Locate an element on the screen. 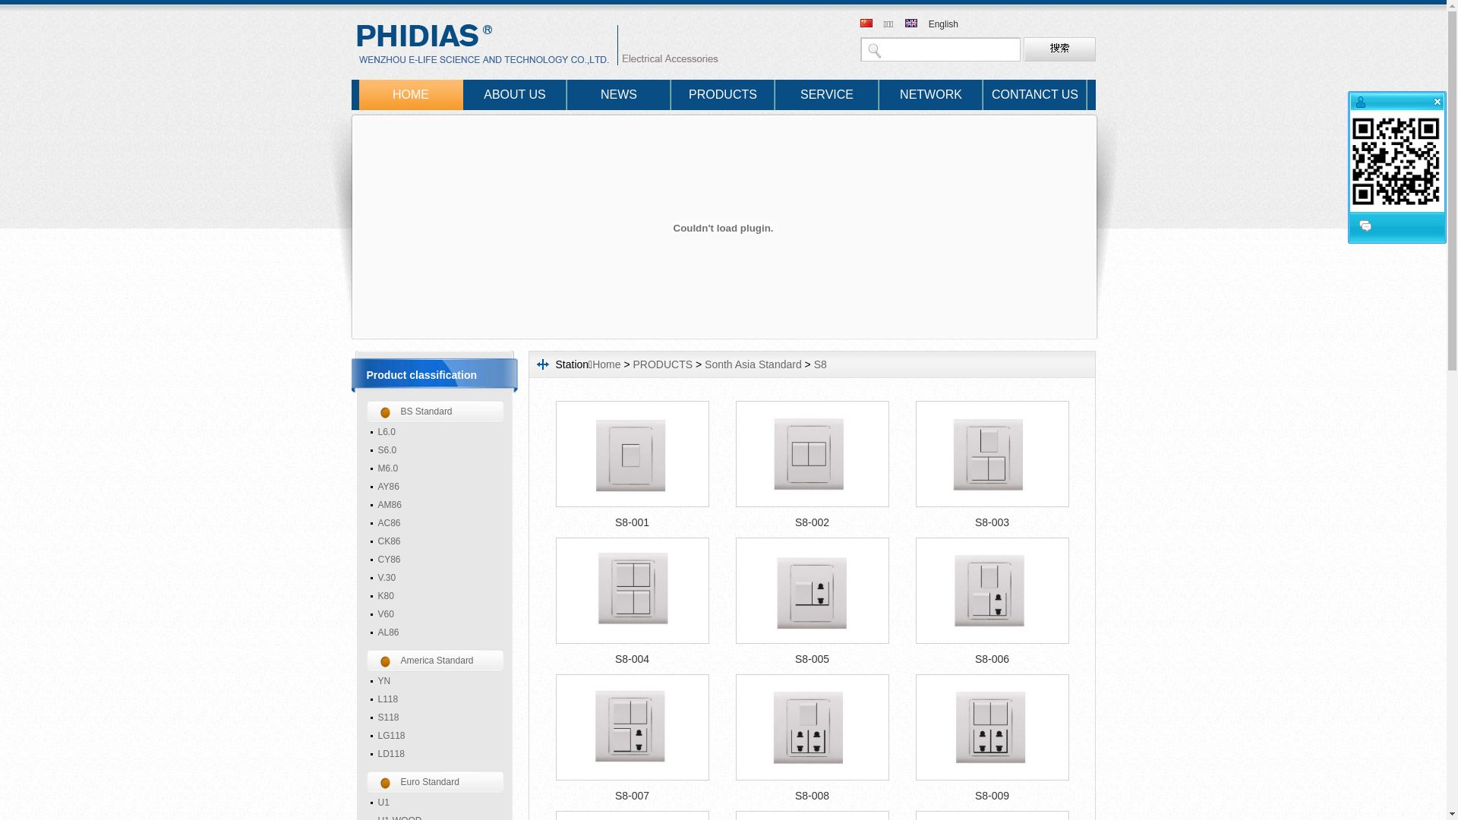  'S8-006' is located at coordinates (992, 658).